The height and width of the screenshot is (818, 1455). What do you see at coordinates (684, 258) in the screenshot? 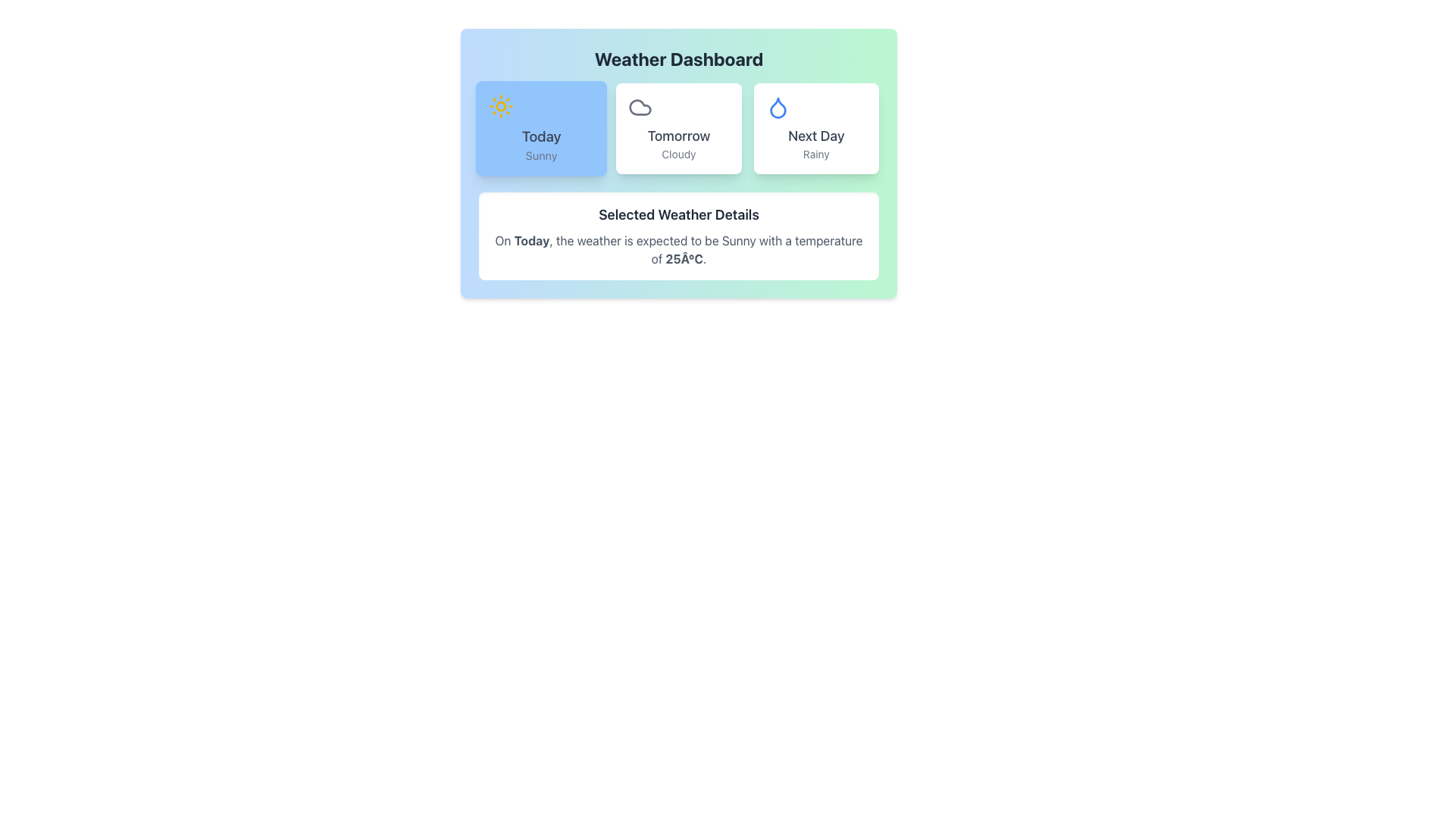
I see `temperature value displayed in the 'Selected Weather Details' section, which follows the main description about today's weather` at bounding box center [684, 258].